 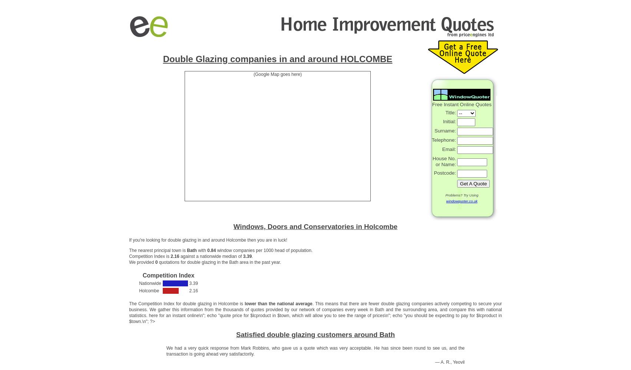 I want to click on '(Google Map goes here)', so click(x=277, y=74).